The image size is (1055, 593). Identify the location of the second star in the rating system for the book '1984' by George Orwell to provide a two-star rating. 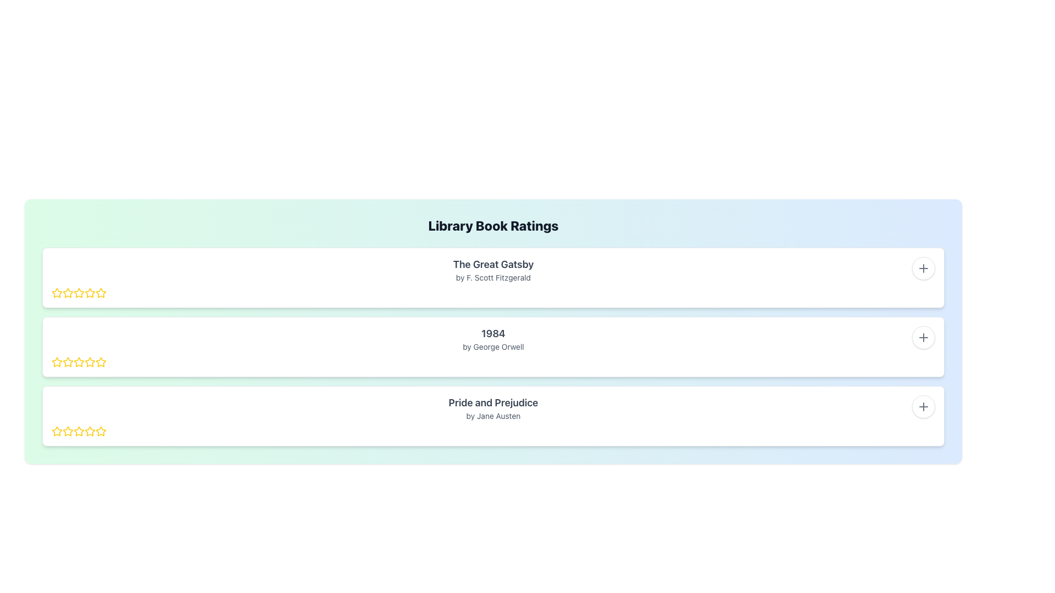
(79, 362).